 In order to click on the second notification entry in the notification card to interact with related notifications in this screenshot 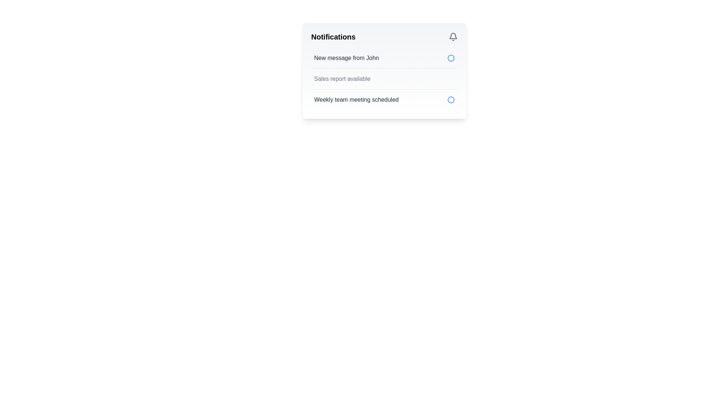, I will do `click(384, 79)`.